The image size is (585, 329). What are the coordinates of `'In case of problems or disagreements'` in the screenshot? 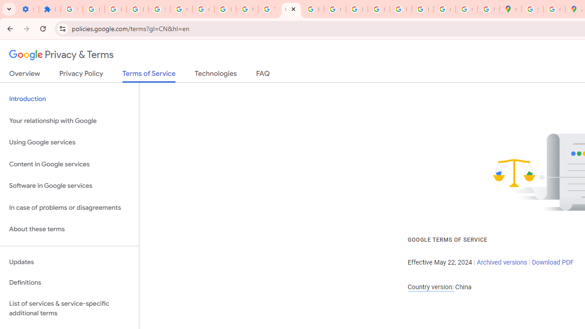 It's located at (69, 207).